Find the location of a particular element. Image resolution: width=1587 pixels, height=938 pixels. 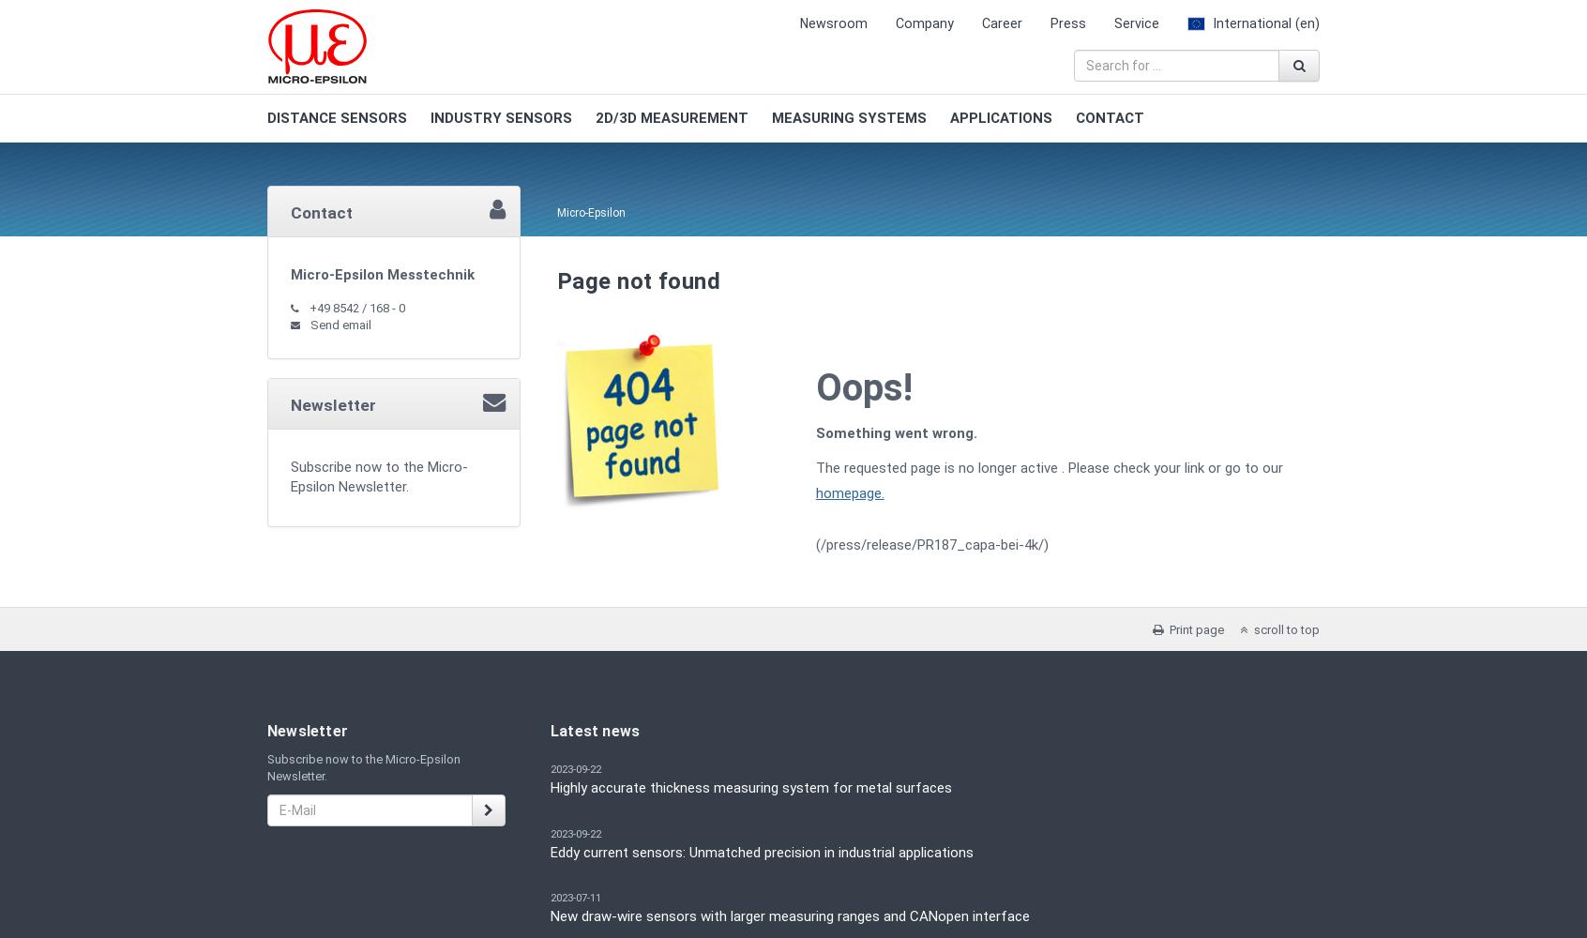

'DISTANCE SENSORS' is located at coordinates (337, 118).